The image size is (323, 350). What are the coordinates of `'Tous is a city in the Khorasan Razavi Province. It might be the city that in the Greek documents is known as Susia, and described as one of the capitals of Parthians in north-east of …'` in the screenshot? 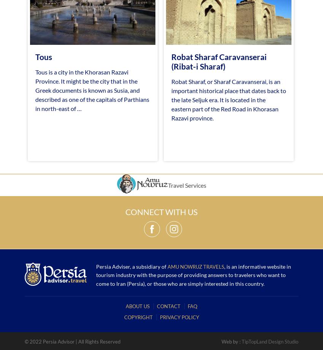 It's located at (92, 90).